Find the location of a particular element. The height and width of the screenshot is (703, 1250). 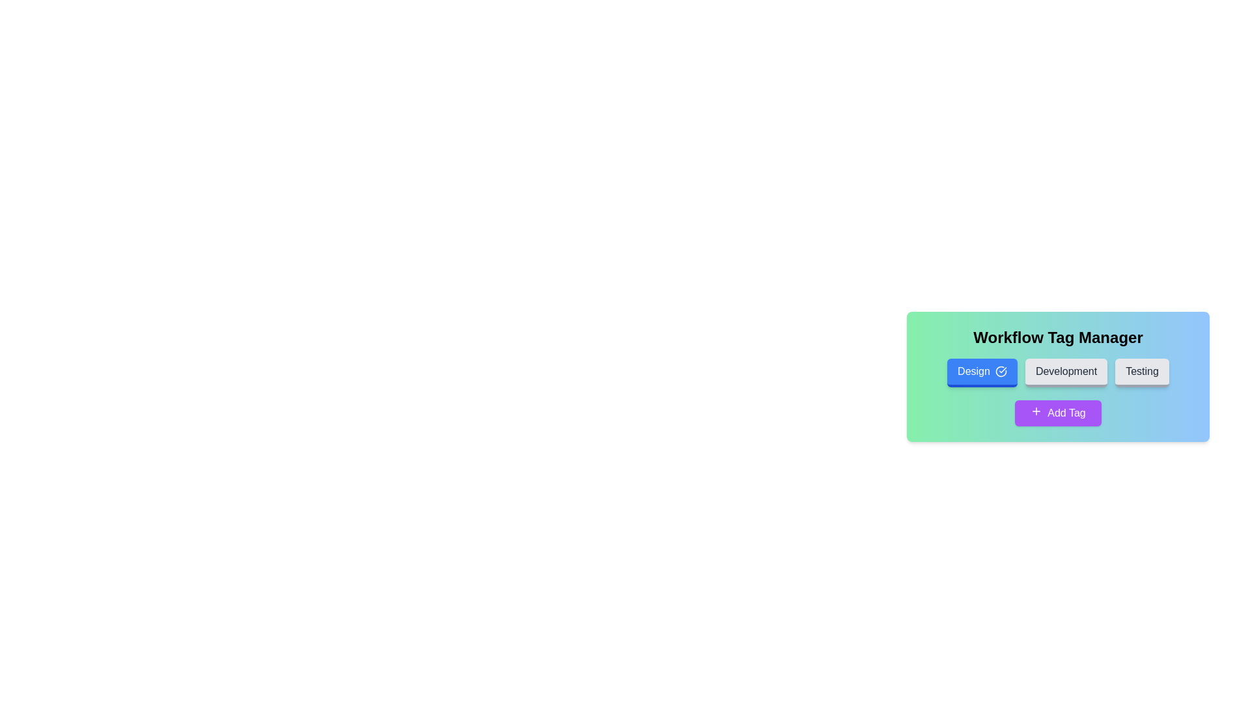

the tag Development is located at coordinates (1066, 373).